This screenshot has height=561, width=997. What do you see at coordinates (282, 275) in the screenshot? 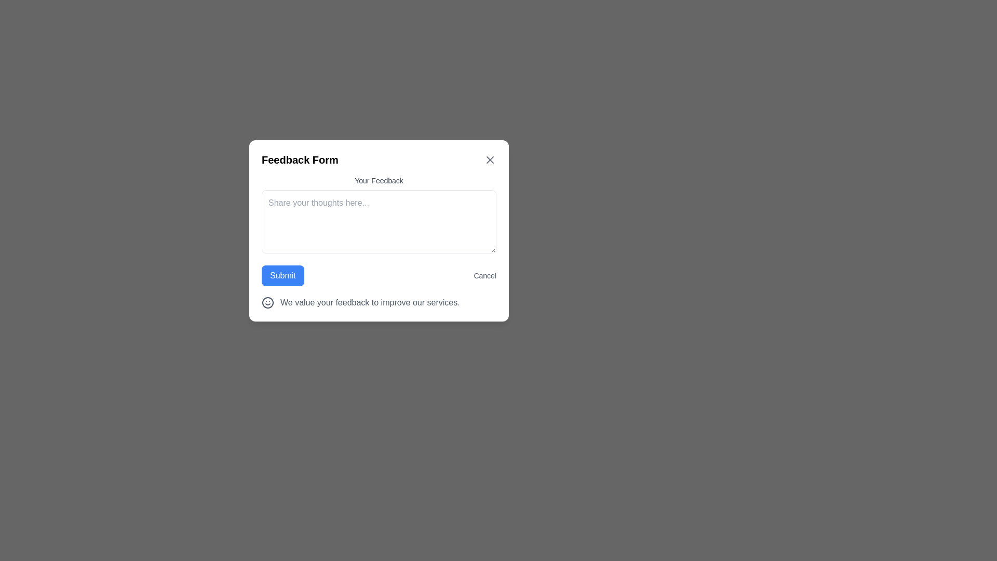
I see `the 'Submit' button, which is a rectangular button with a blue background and white text, located in the bottom-left corner of the modal dialog box` at bounding box center [282, 275].